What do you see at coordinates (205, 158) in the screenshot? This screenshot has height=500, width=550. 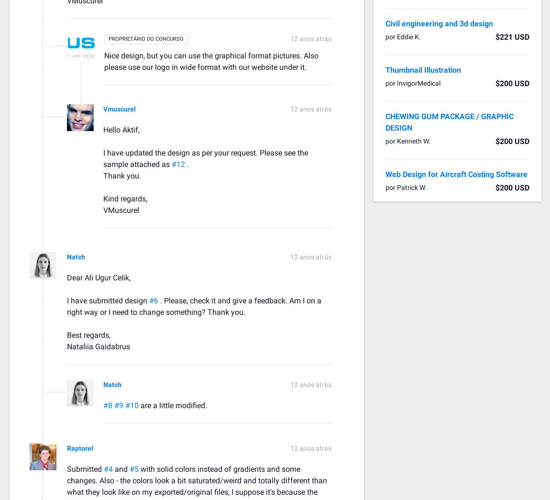 I see `'I have updated the design as per your request. Please see the sample attached as'` at bounding box center [205, 158].